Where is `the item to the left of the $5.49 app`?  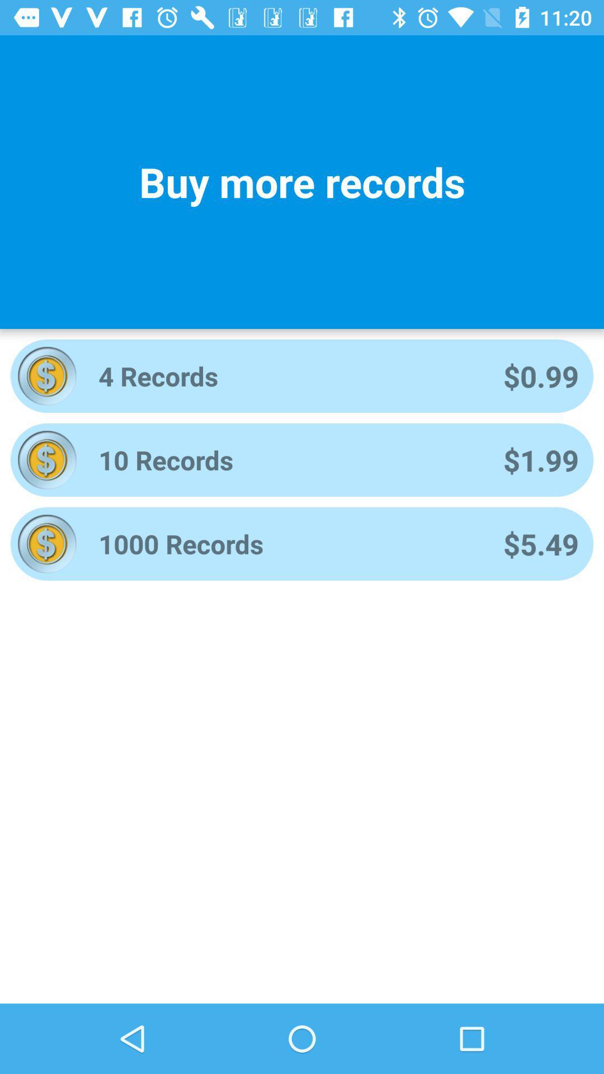 the item to the left of the $5.49 app is located at coordinates (285, 544).